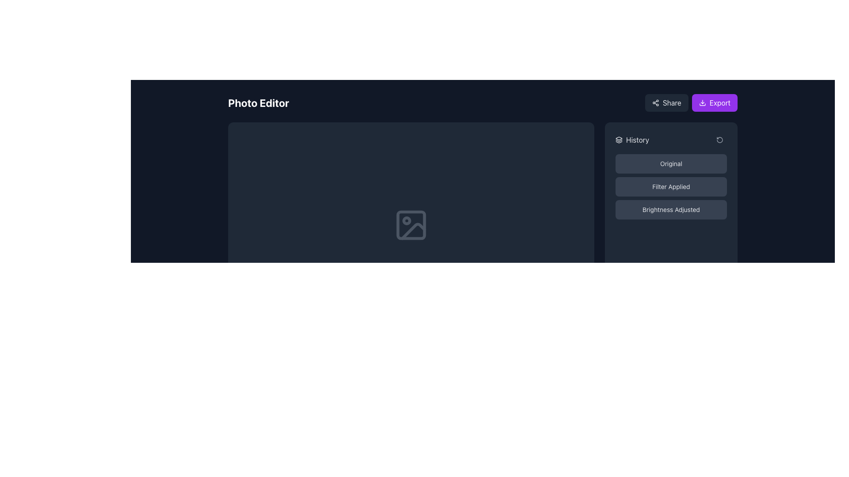  I want to click on the download icon located on the purple 'Export' button in the top-right corner to initiate the export action, so click(702, 102).